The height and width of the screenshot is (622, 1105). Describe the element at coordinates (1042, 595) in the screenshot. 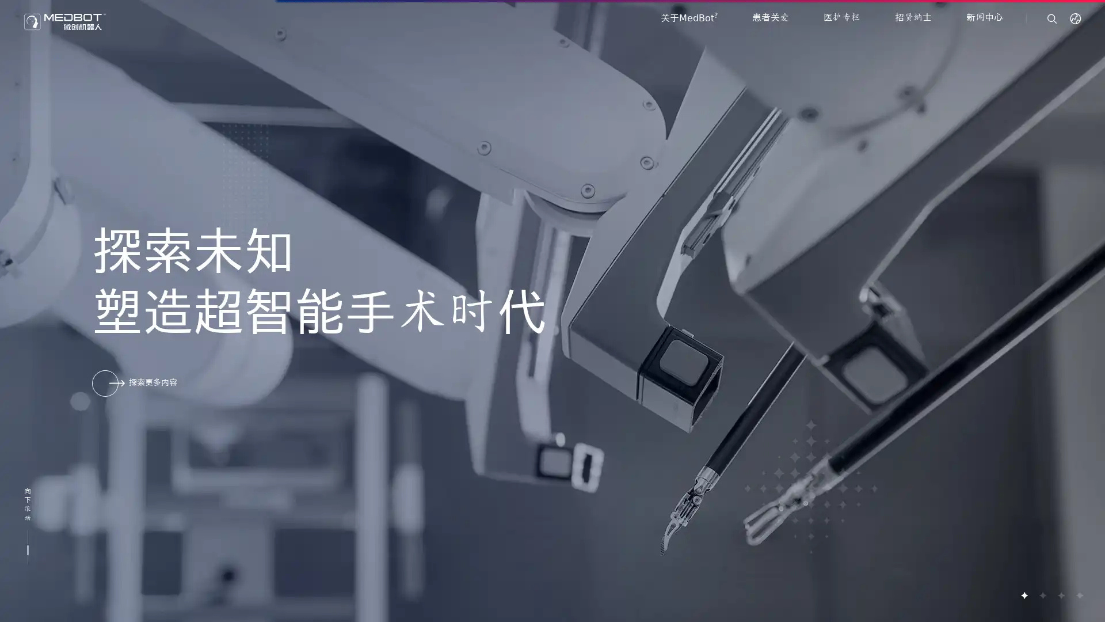

I see `Go to slide 2` at that location.